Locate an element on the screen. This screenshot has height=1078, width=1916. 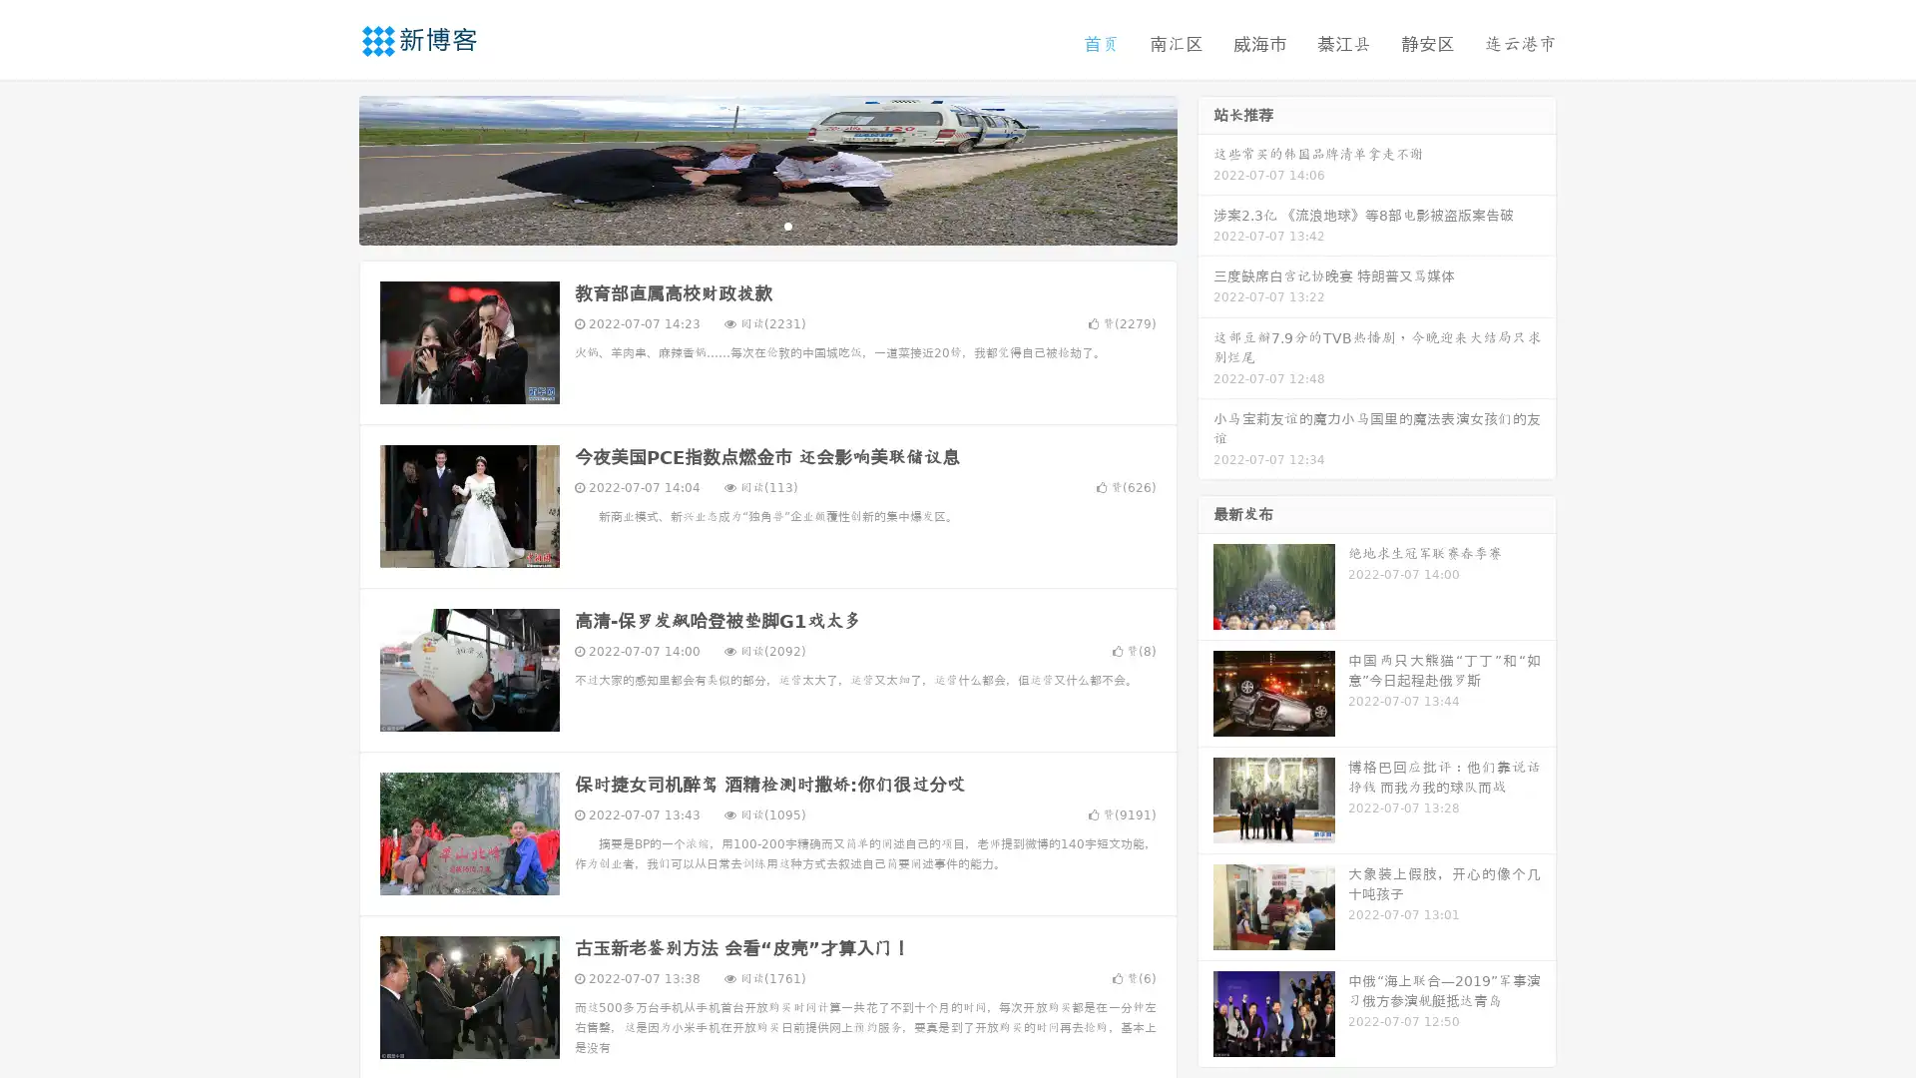
Next slide is located at coordinates (1205, 168).